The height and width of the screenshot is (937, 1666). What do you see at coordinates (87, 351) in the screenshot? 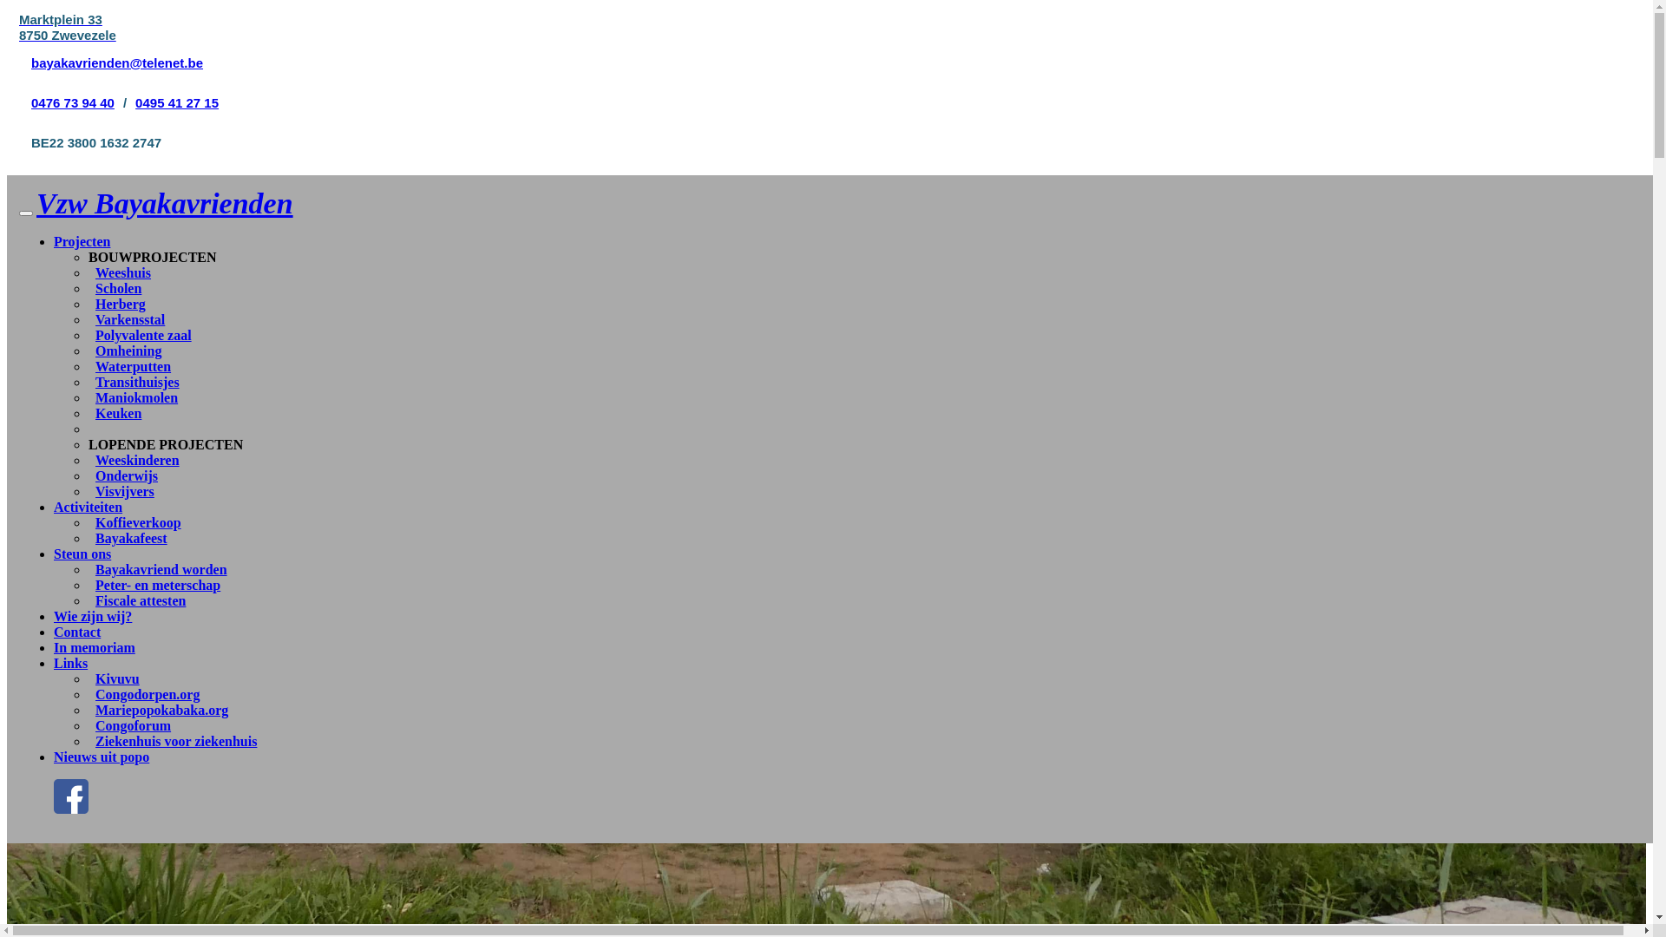
I see `'Omheining'` at bounding box center [87, 351].